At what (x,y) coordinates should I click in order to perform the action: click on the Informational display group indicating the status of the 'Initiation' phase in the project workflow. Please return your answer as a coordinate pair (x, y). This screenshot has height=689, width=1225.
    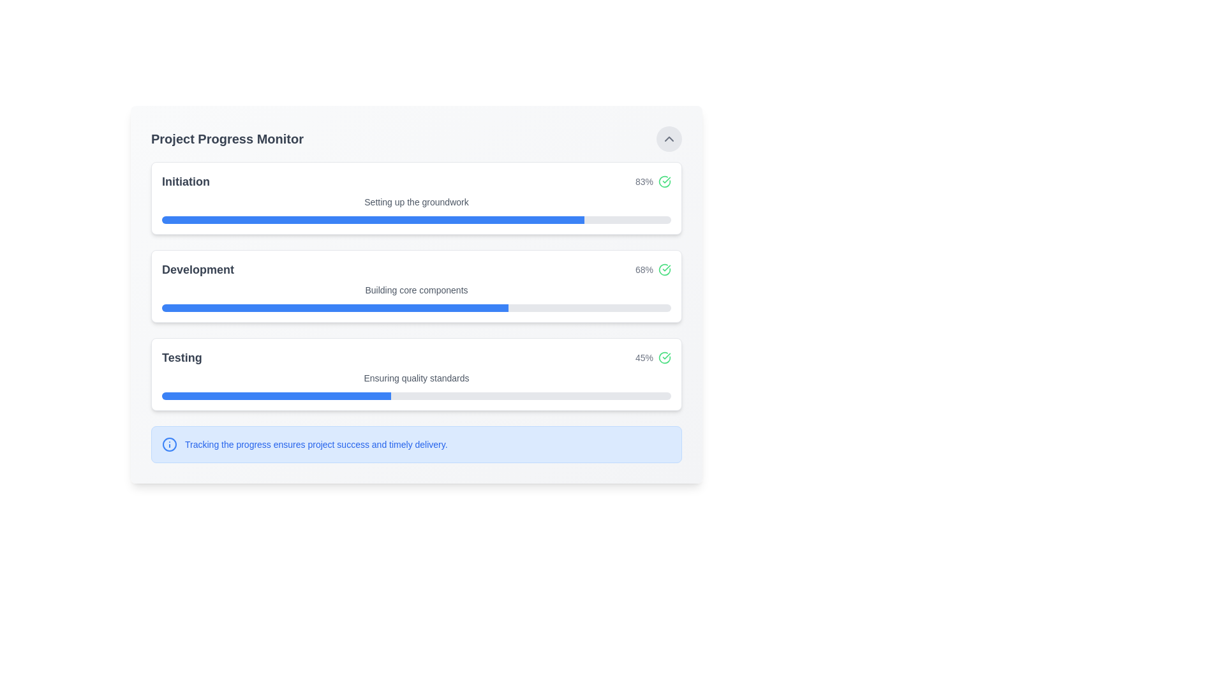
    Looking at the image, I should click on (416, 182).